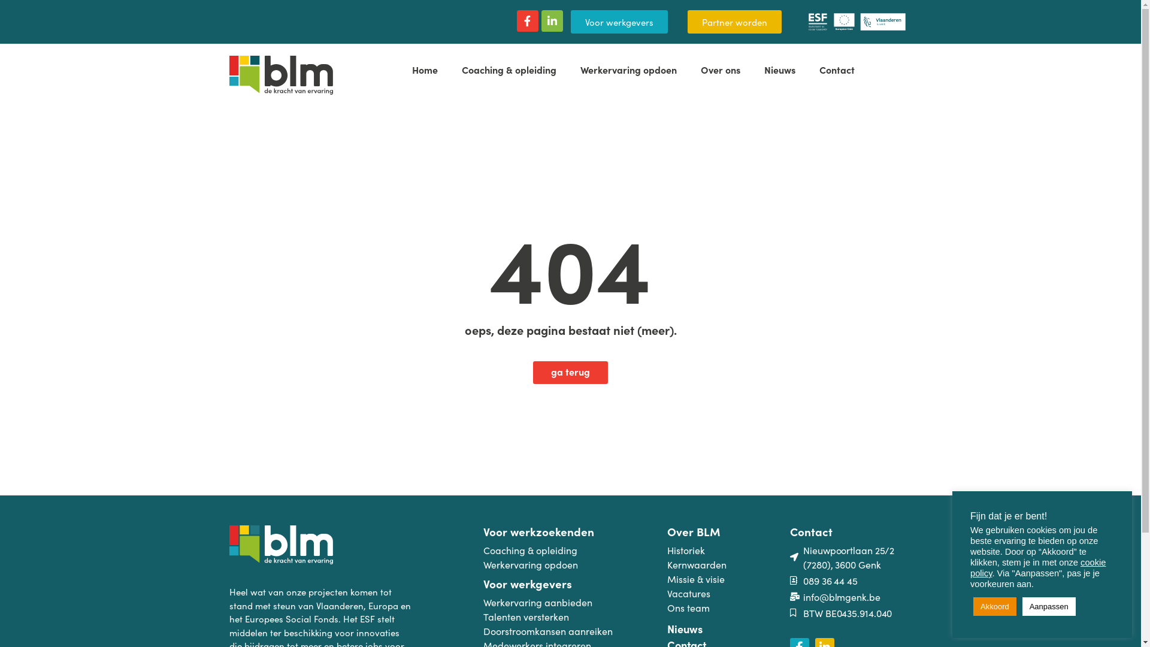 This screenshot has height=647, width=1150. I want to click on 'Ons team', so click(666, 607).